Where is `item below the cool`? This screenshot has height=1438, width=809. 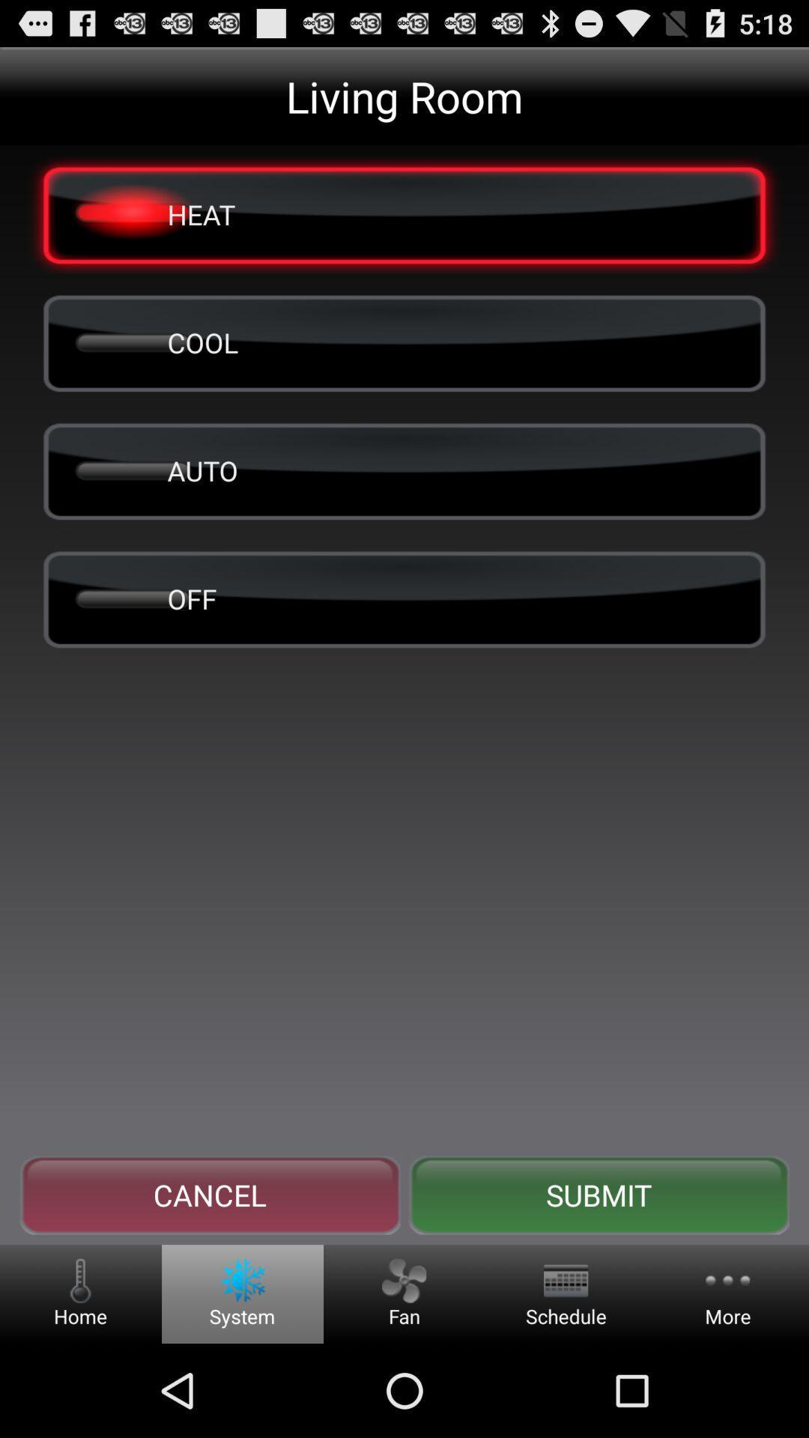
item below the cool is located at coordinates (404, 470).